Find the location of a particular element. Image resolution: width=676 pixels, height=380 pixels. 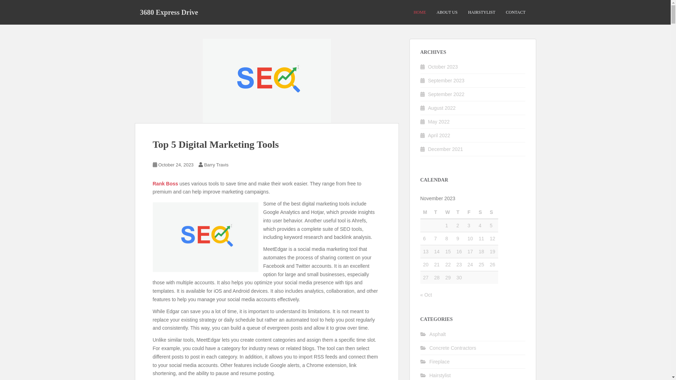

'HAIRSTYLIST' is located at coordinates (481, 12).